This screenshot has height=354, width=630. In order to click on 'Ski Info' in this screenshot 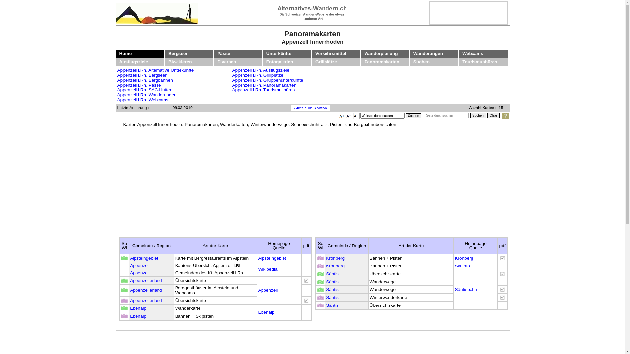, I will do `click(462, 266)`.